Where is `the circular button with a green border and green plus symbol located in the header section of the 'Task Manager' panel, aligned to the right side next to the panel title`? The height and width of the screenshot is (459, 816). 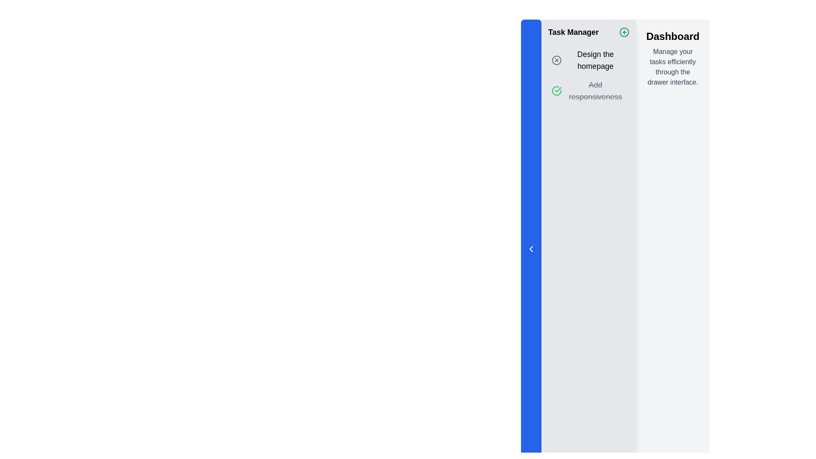
the circular button with a green border and green plus symbol located in the header section of the 'Task Manager' panel, aligned to the right side next to the panel title is located at coordinates (624, 32).